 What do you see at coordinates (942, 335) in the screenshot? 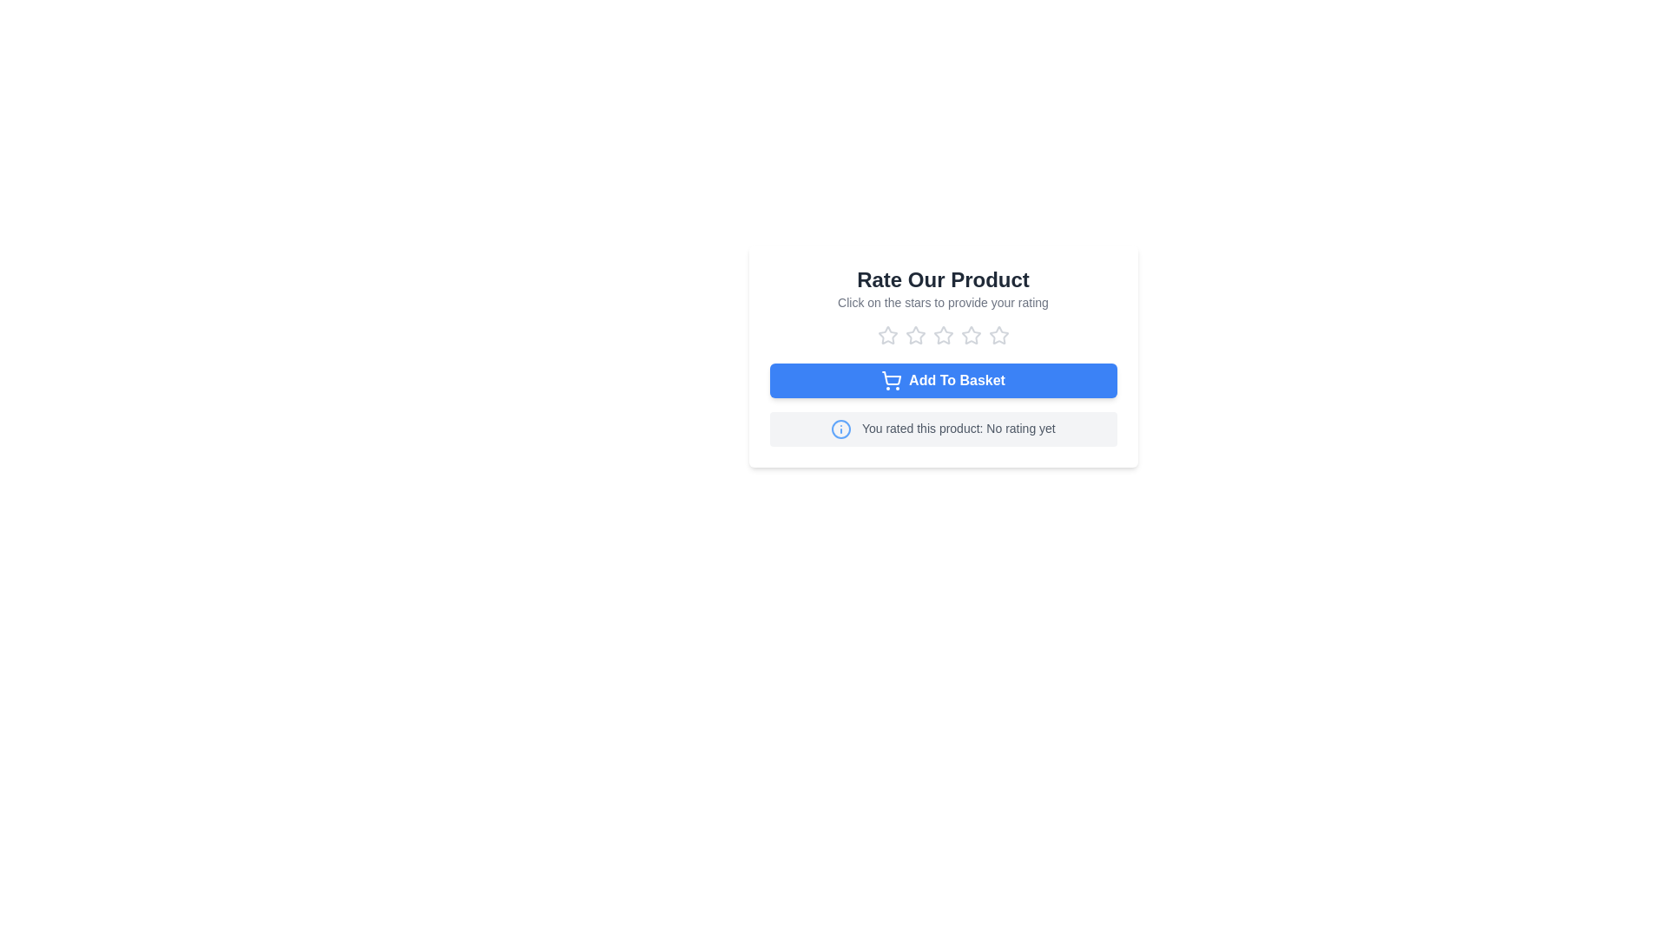
I see `the A rating component consisting of five interactive gray star icons` at bounding box center [942, 335].